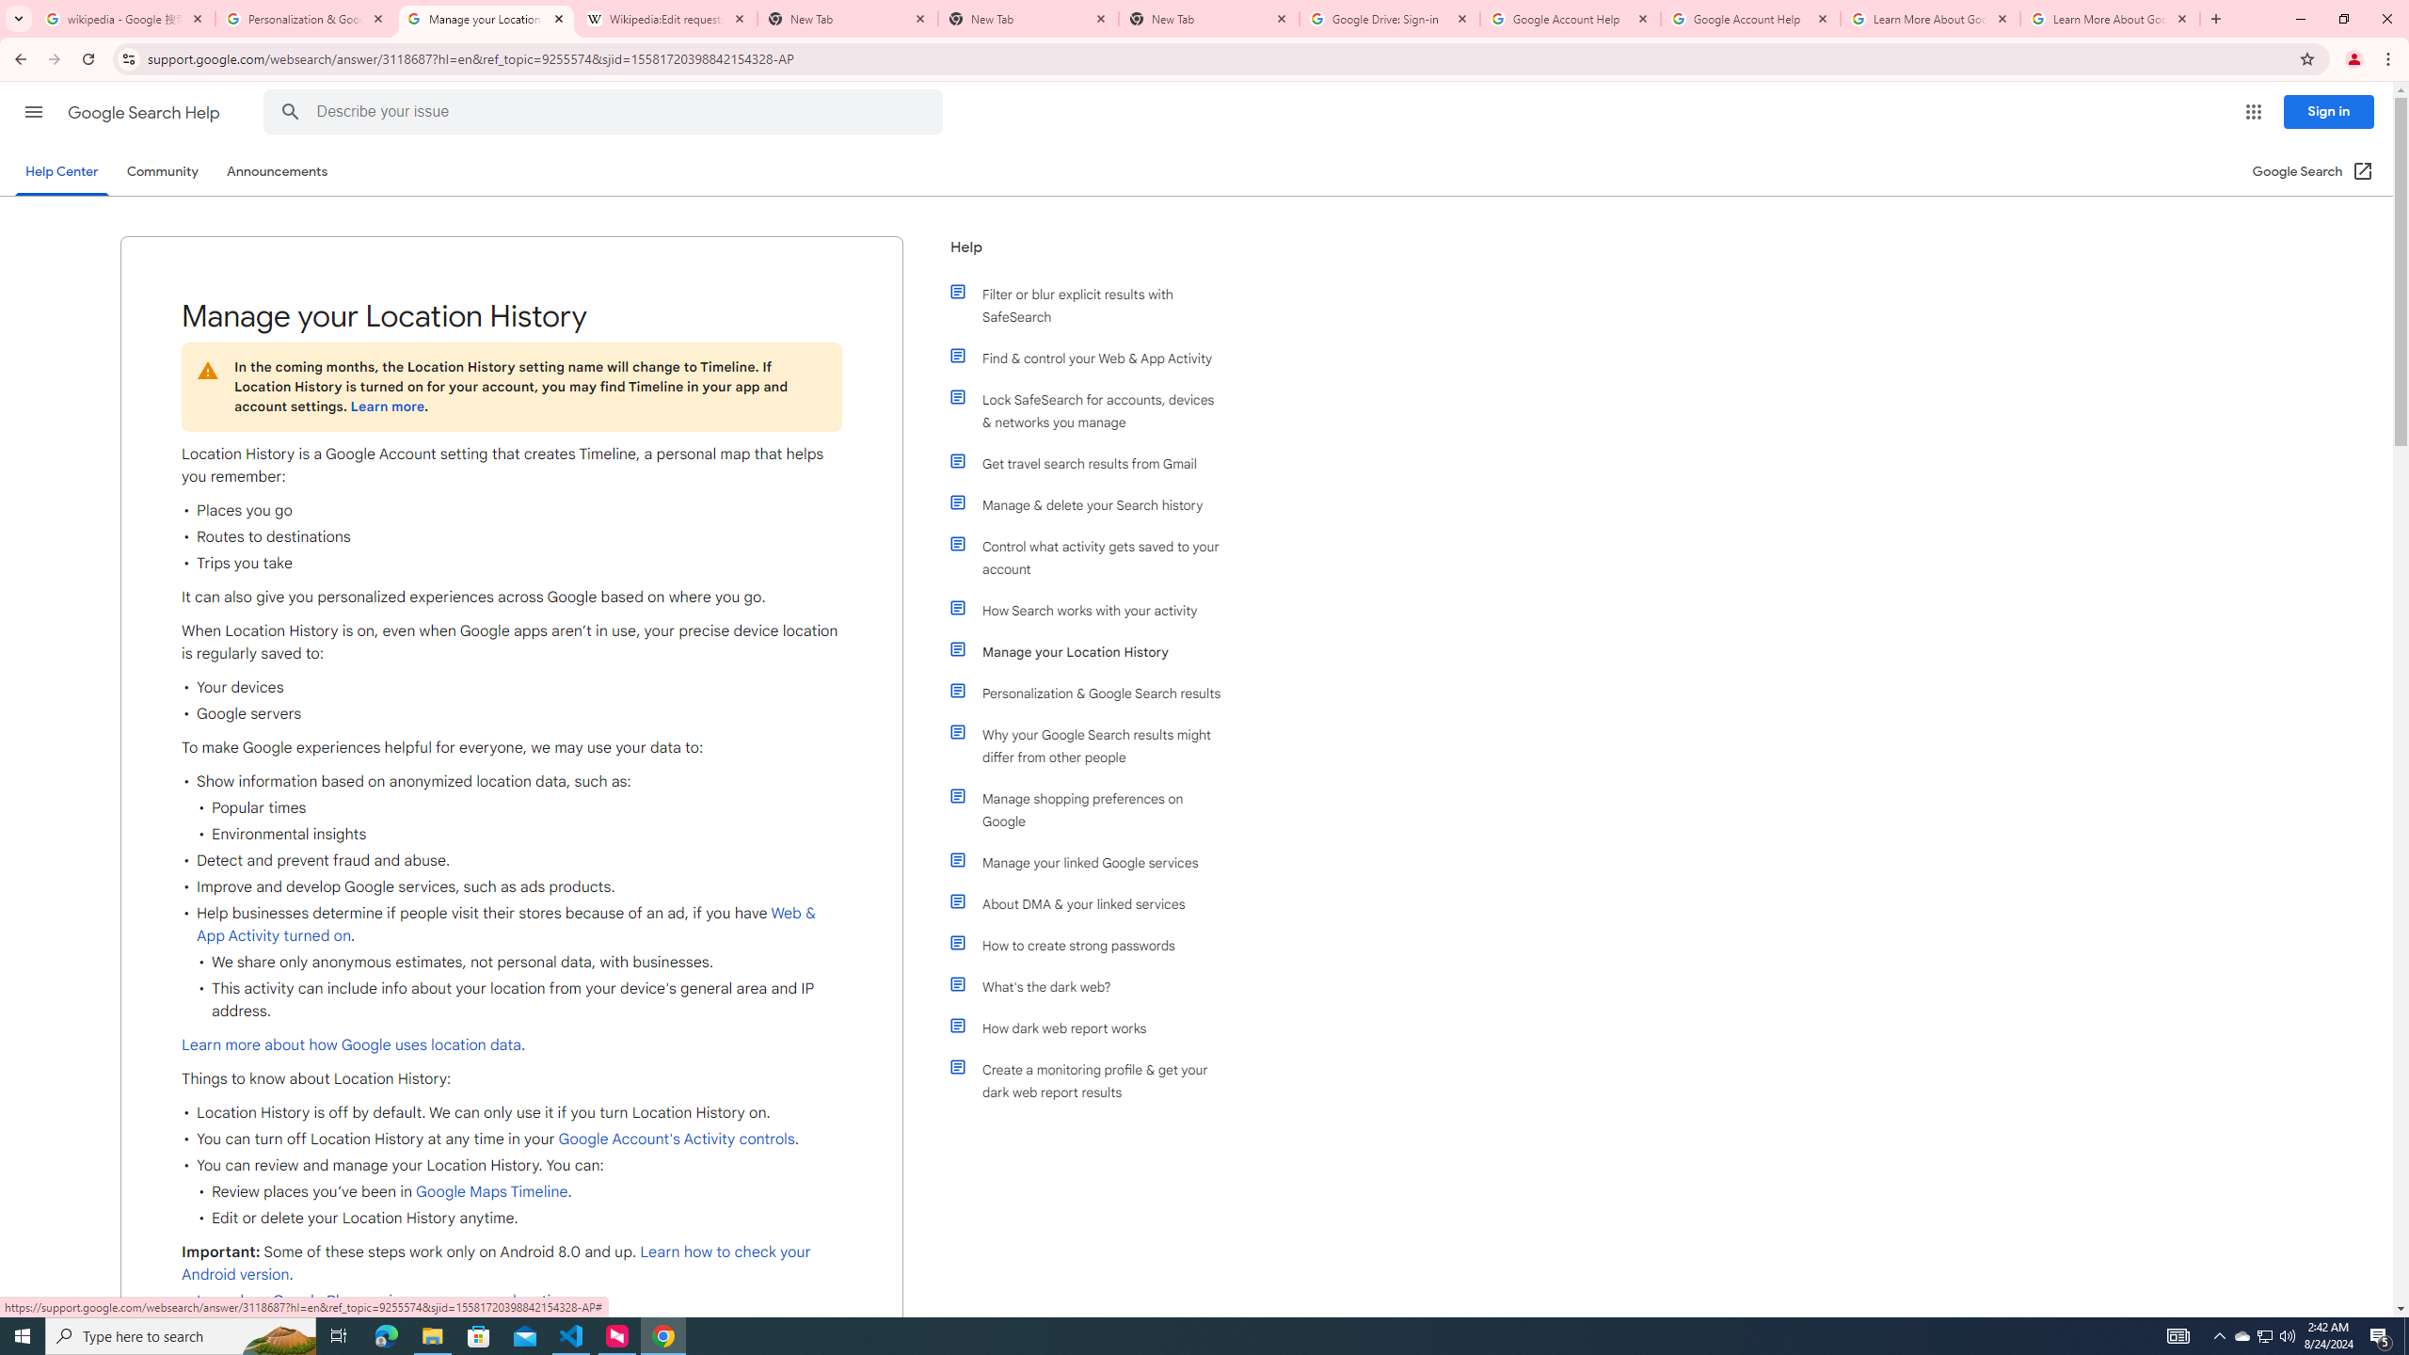  What do you see at coordinates (1093, 904) in the screenshot?
I see `'About DMA & your linked services'` at bounding box center [1093, 904].